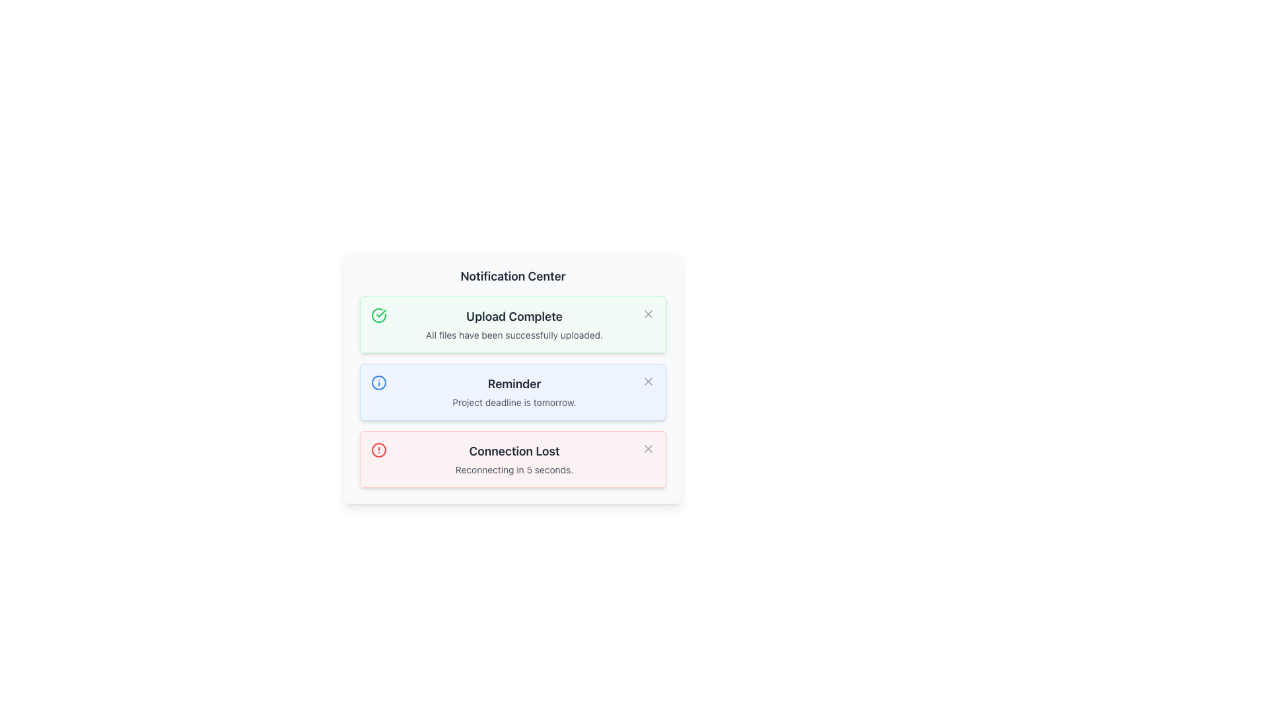 Image resolution: width=1268 pixels, height=713 pixels. Describe the element at coordinates (513, 469) in the screenshot. I see `the static text element that indicates the system is attempting to reconnect, located below the 'Connection Lost' text and above the close icon in the third notification of the list` at that location.